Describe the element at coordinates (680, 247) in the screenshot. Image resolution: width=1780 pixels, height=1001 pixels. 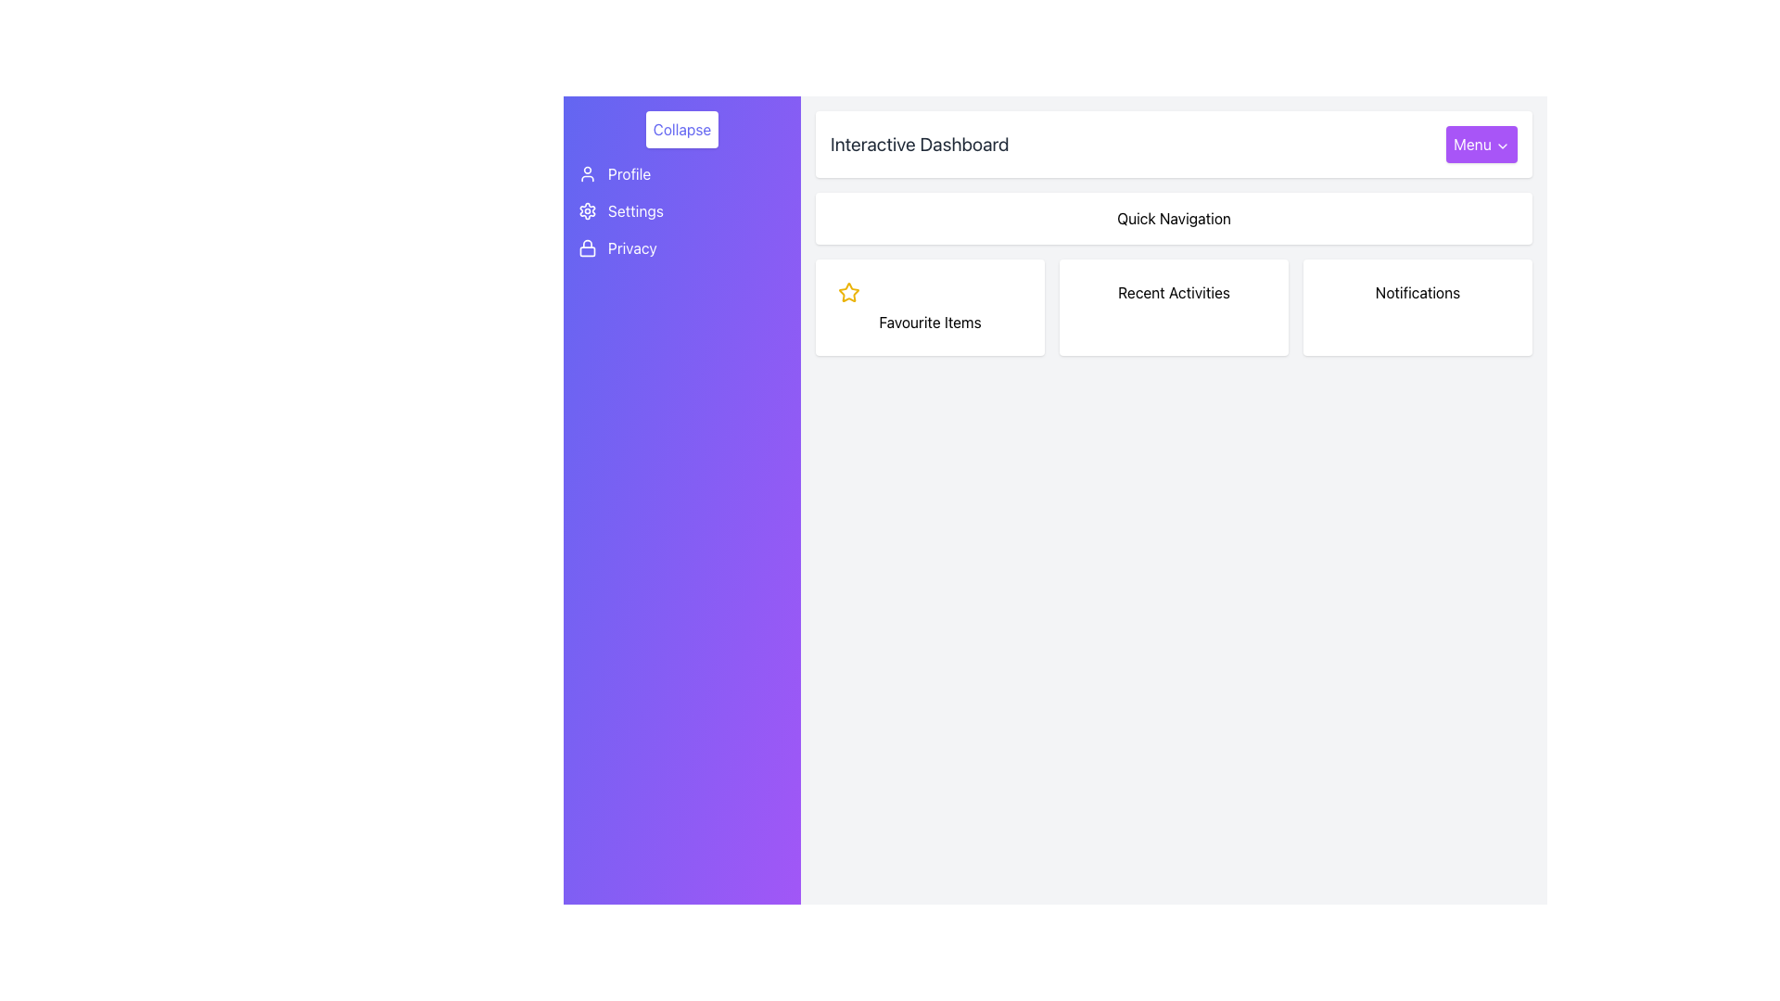
I see `the third navigation item in the sidebar, positioned below 'Settings' and above subsequent items` at that location.